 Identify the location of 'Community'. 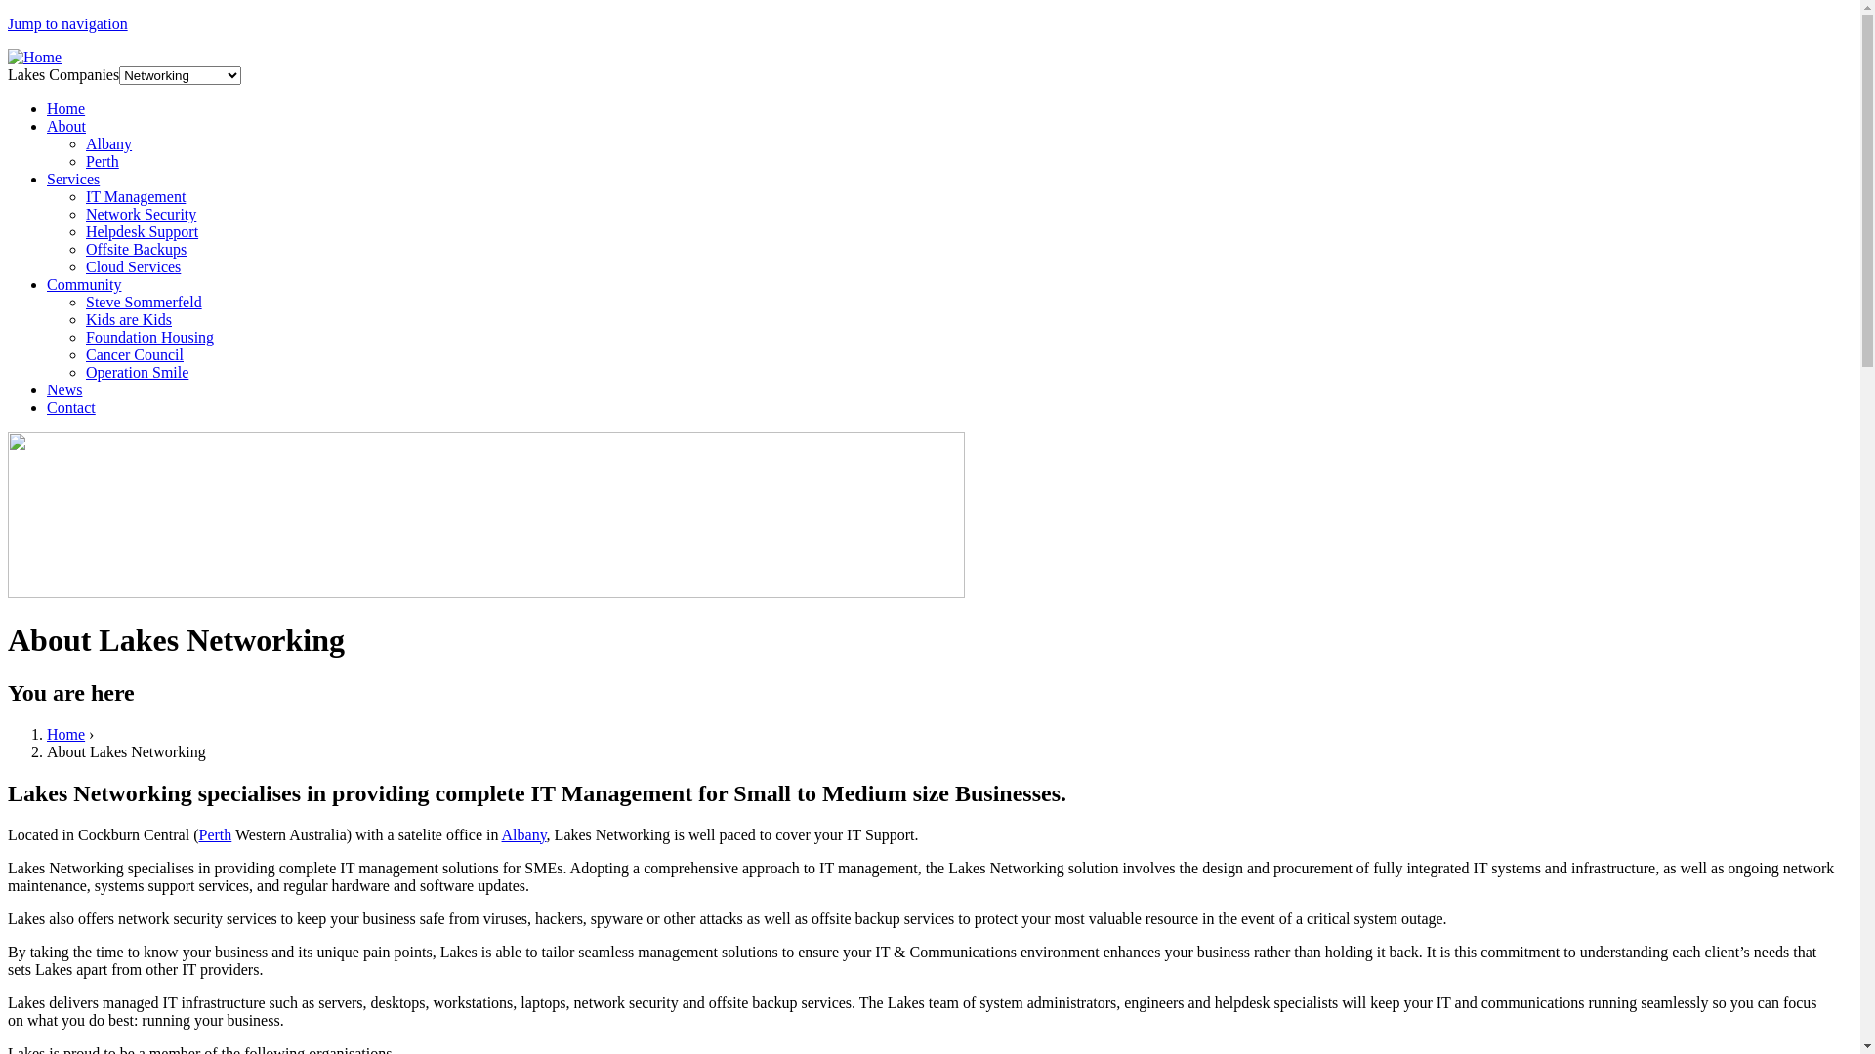
(83, 284).